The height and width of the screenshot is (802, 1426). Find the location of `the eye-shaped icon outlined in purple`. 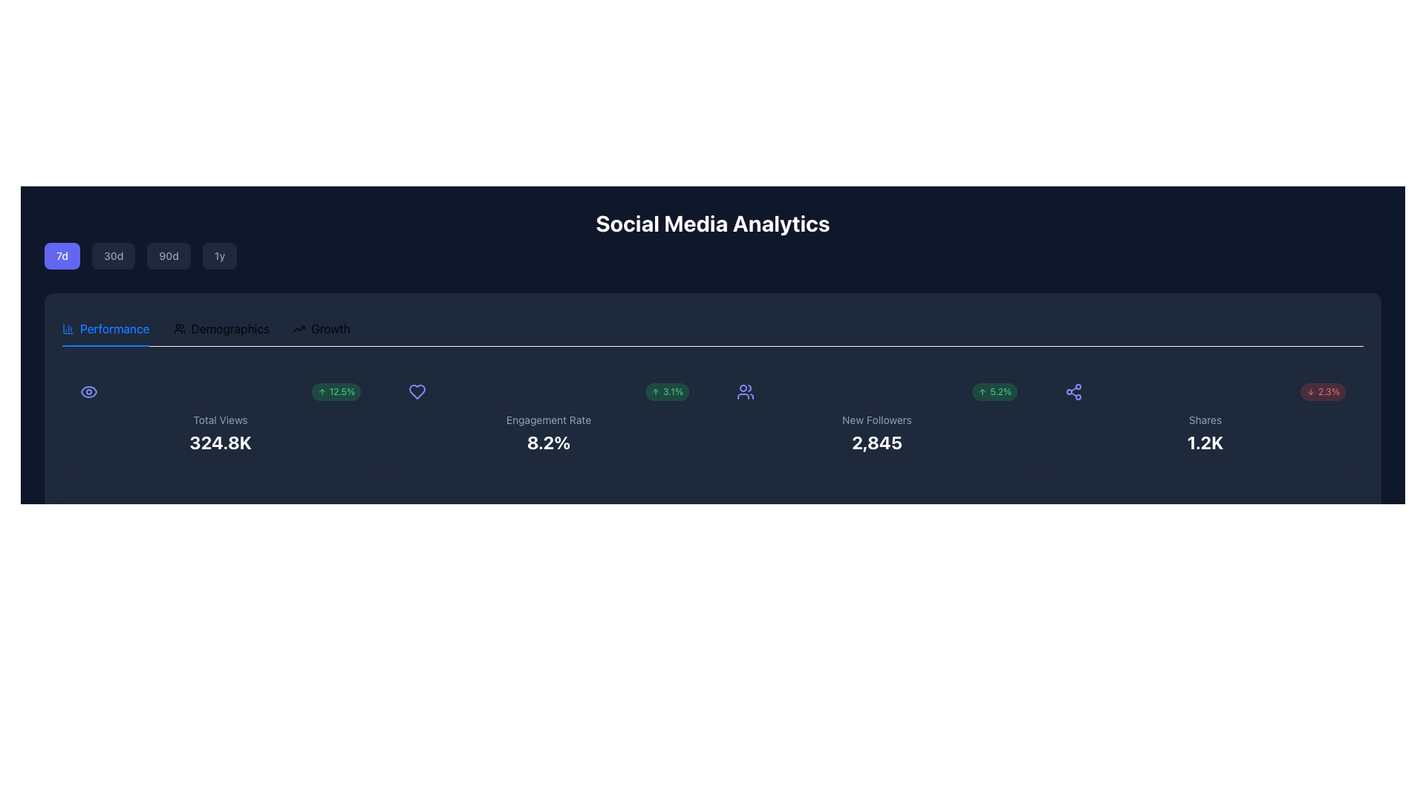

the eye-shaped icon outlined in purple is located at coordinates (88, 391).